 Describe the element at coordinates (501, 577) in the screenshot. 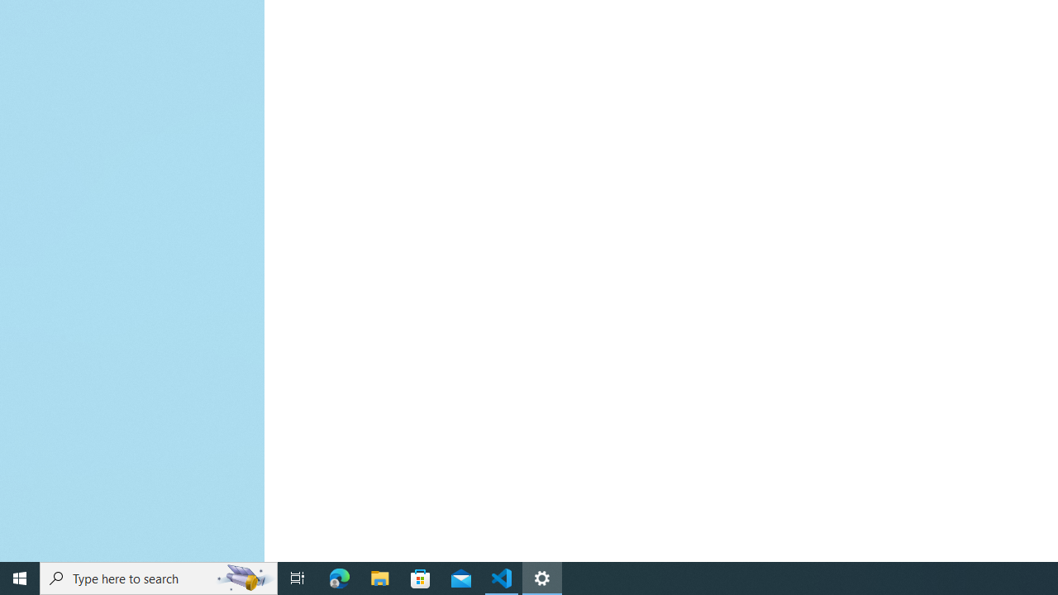

I see `'Visual Studio Code - 1 running window'` at that location.